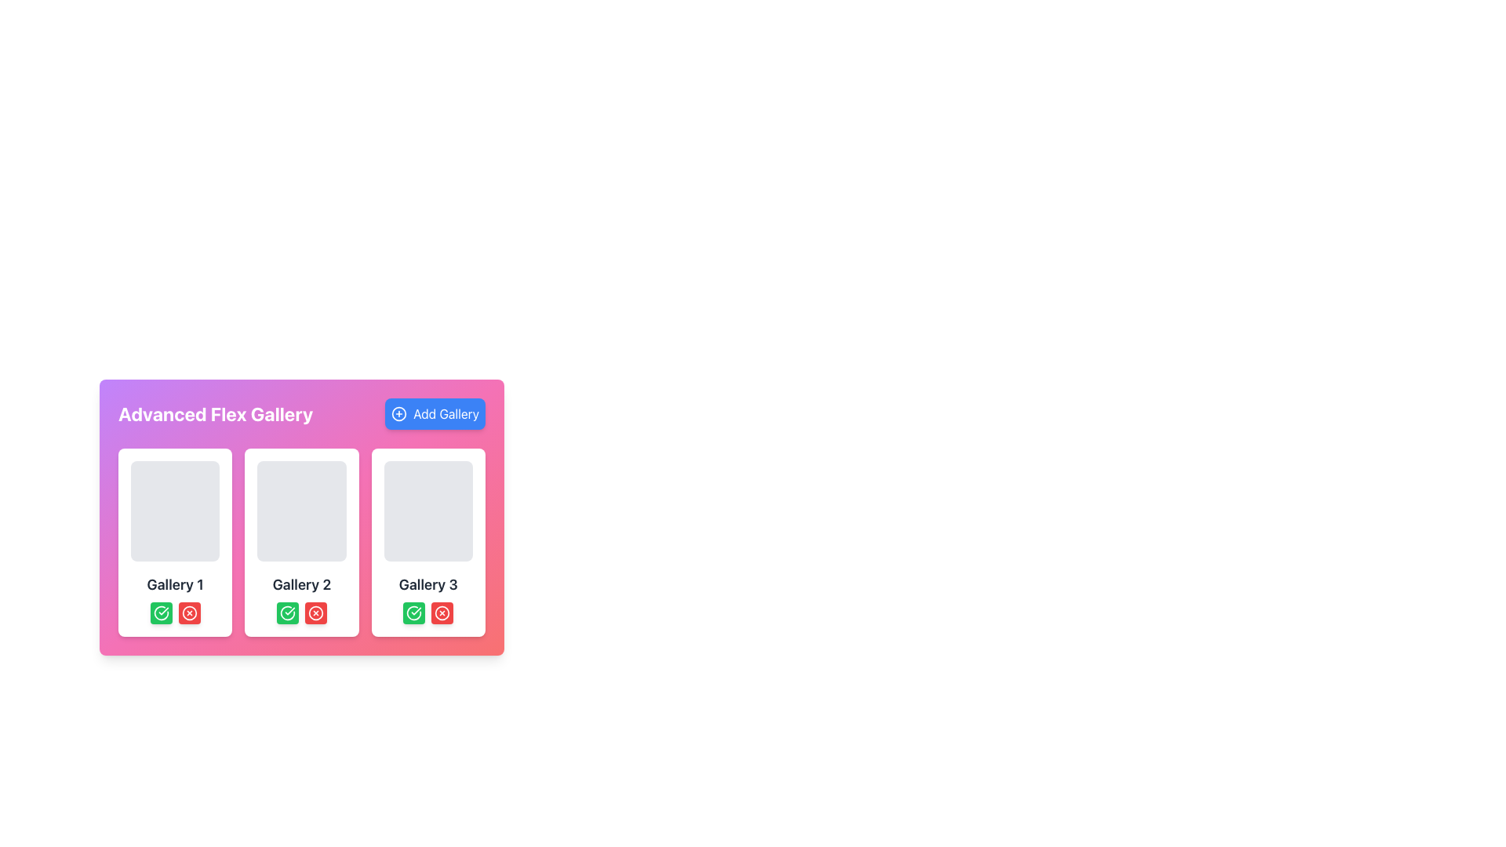  I want to click on the Gallery card labeled 'Gallery 2', which is the second card in the gallery section, located between 'Gallery 1' and 'Gallery 3', so click(301, 531).